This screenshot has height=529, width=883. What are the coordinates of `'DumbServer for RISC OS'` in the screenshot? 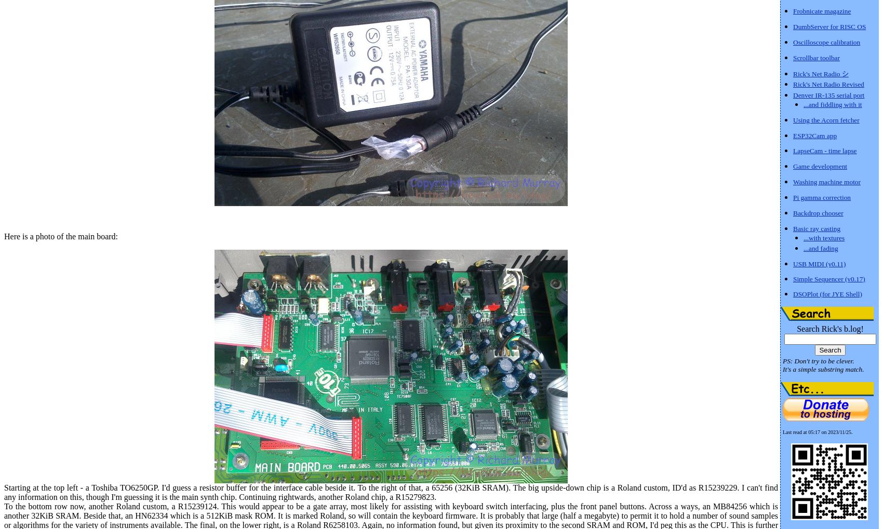 It's located at (828, 26).